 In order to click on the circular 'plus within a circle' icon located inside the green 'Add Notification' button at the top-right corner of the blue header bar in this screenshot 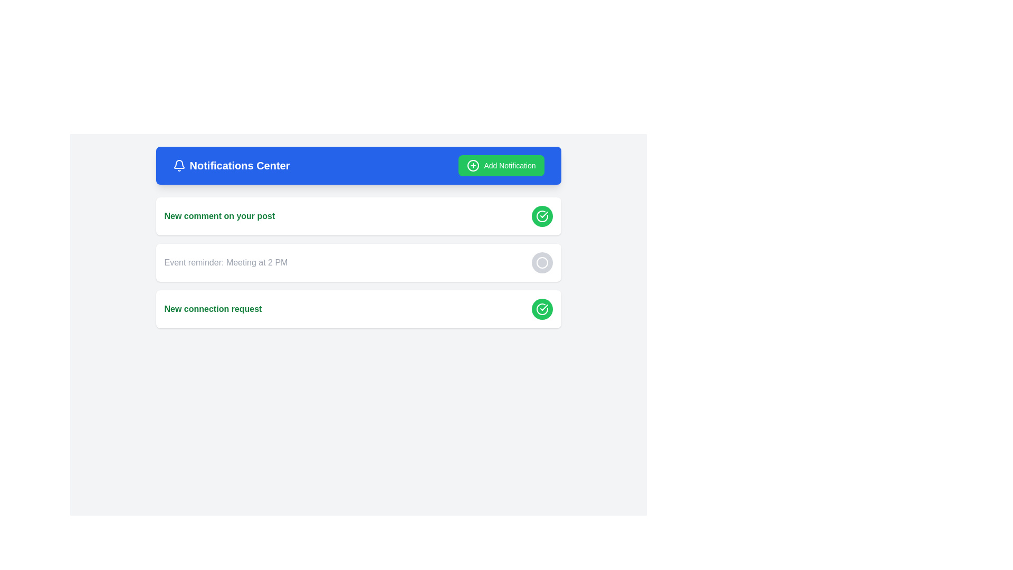, I will do `click(473, 165)`.